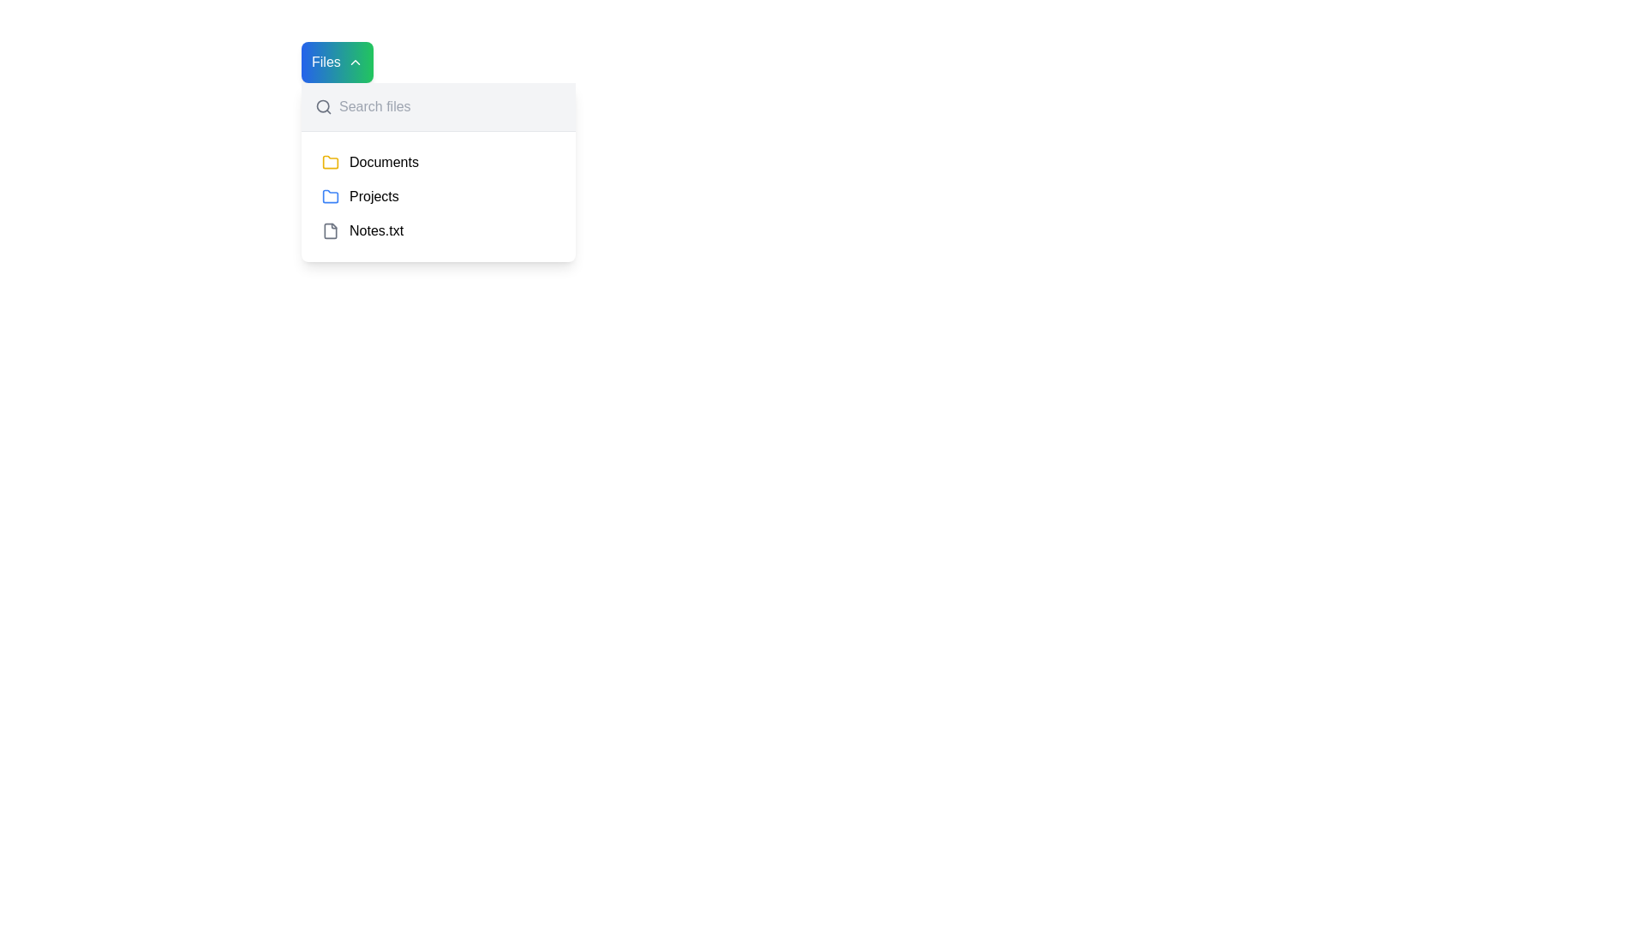 The height and width of the screenshot is (925, 1645). Describe the element at coordinates (439, 171) in the screenshot. I see `the 'Documents' item in the Dropdown menu located at the top-right corner of the application interface` at that location.